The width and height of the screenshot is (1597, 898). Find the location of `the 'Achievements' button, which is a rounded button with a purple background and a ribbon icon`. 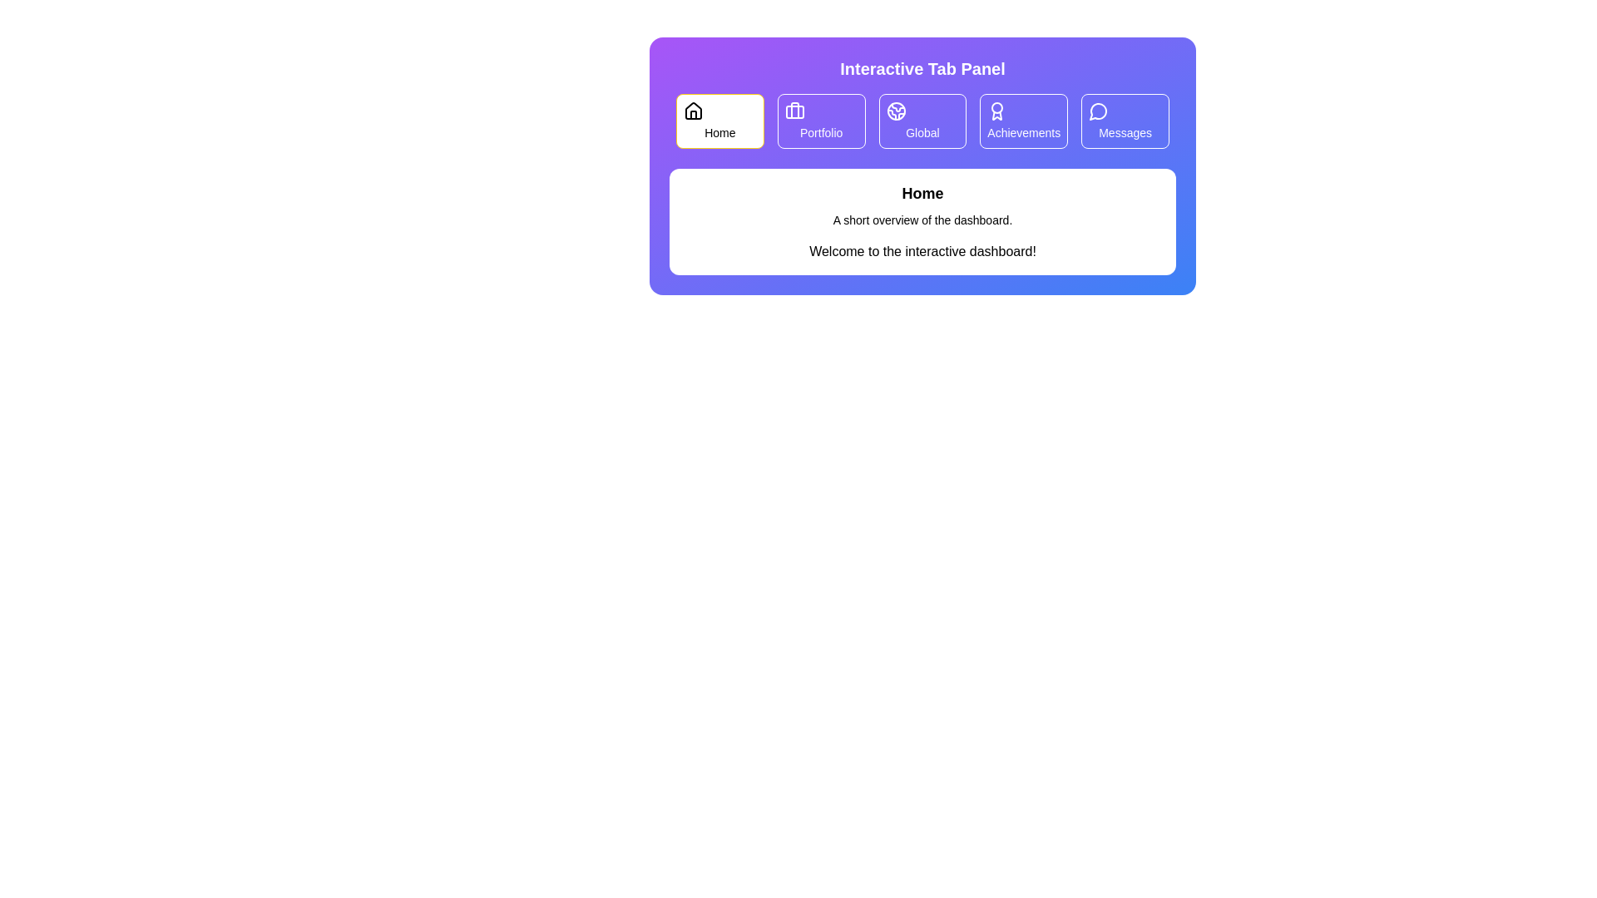

the 'Achievements' button, which is a rounded button with a purple background and a ribbon icon is located at coordinates (1023, 121).